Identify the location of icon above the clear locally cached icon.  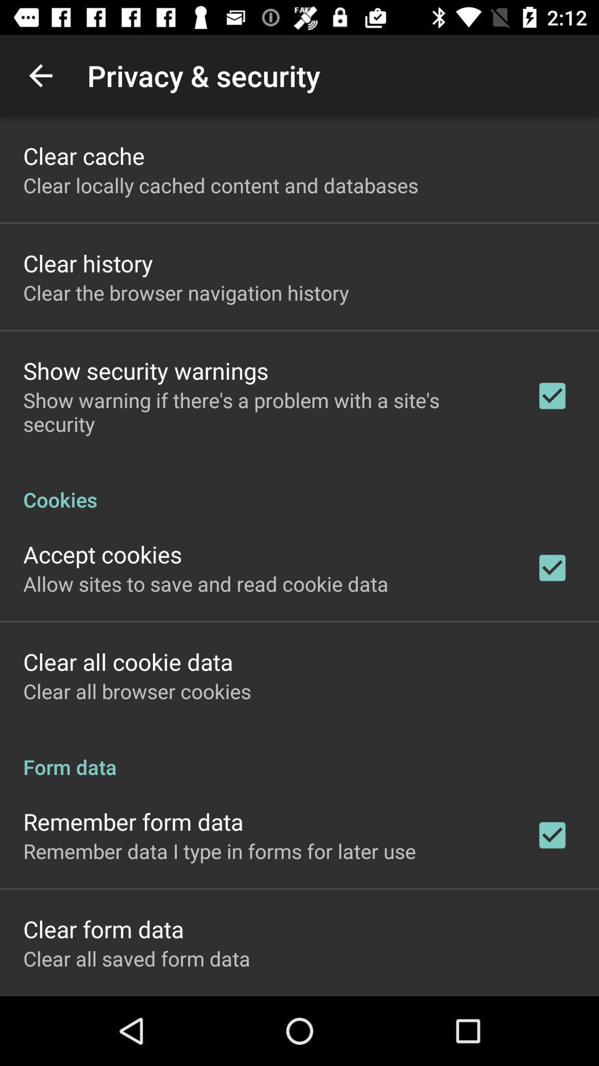
(83, 155).